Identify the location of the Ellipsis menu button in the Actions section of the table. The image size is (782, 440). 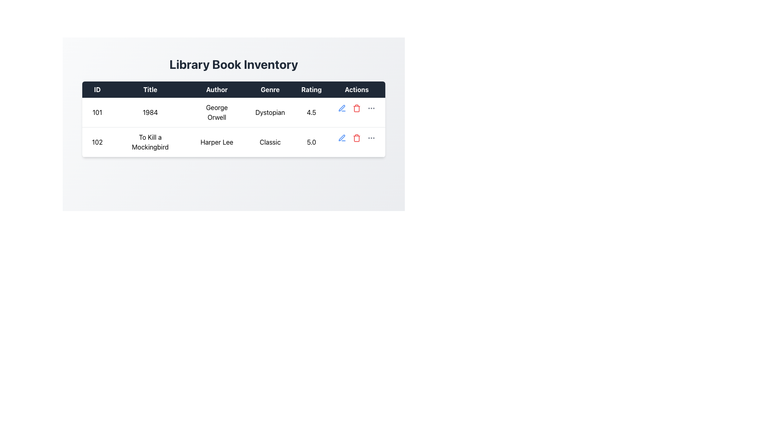
(371, 137).